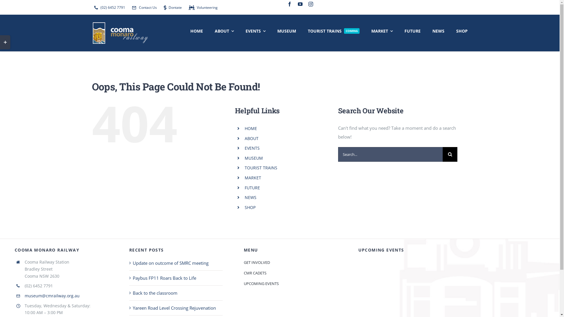 The height and width of the screenshot is (317, 564). I want to click on 'Yareen Road Level Crossing Rejuvenation', so click(174, 308).